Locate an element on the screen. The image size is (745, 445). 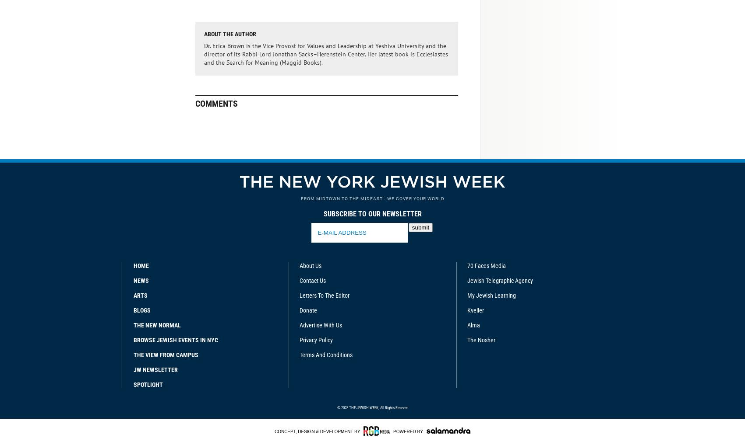
'Kveller' is located at coordinates (475, 310).